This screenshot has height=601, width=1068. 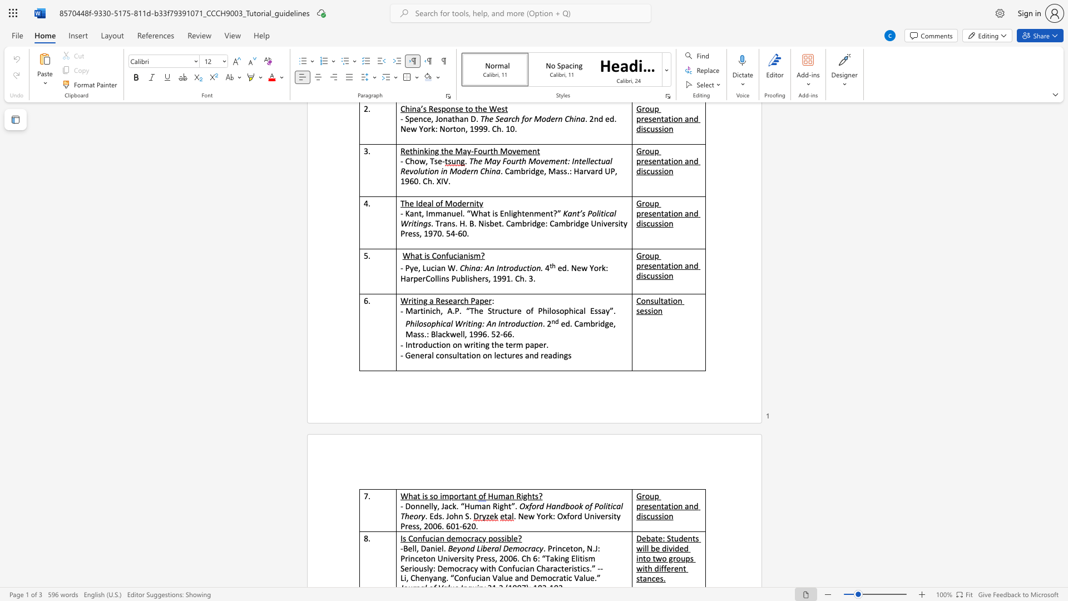 I want to click on the subset text "er." within the text "Introduction on writing the term paper.", so click(x=538, y=344).